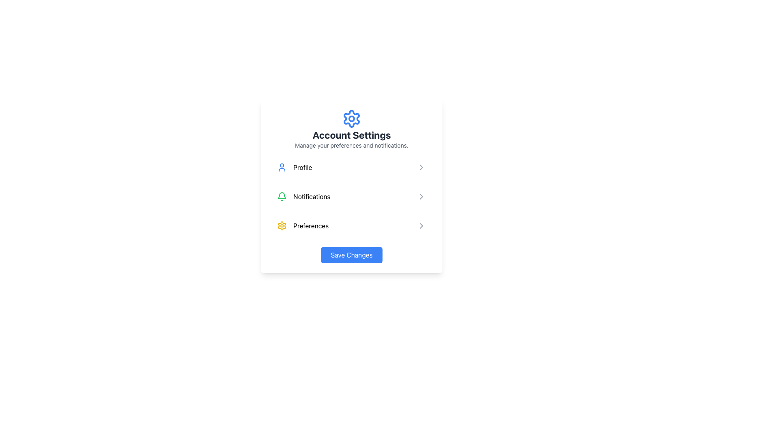 This screenshot has width=778, height=438. Describe the element at coordinates (282, 197) in the screenshot. I see `the Notifications bell icon located in the second item of the list` at that location.